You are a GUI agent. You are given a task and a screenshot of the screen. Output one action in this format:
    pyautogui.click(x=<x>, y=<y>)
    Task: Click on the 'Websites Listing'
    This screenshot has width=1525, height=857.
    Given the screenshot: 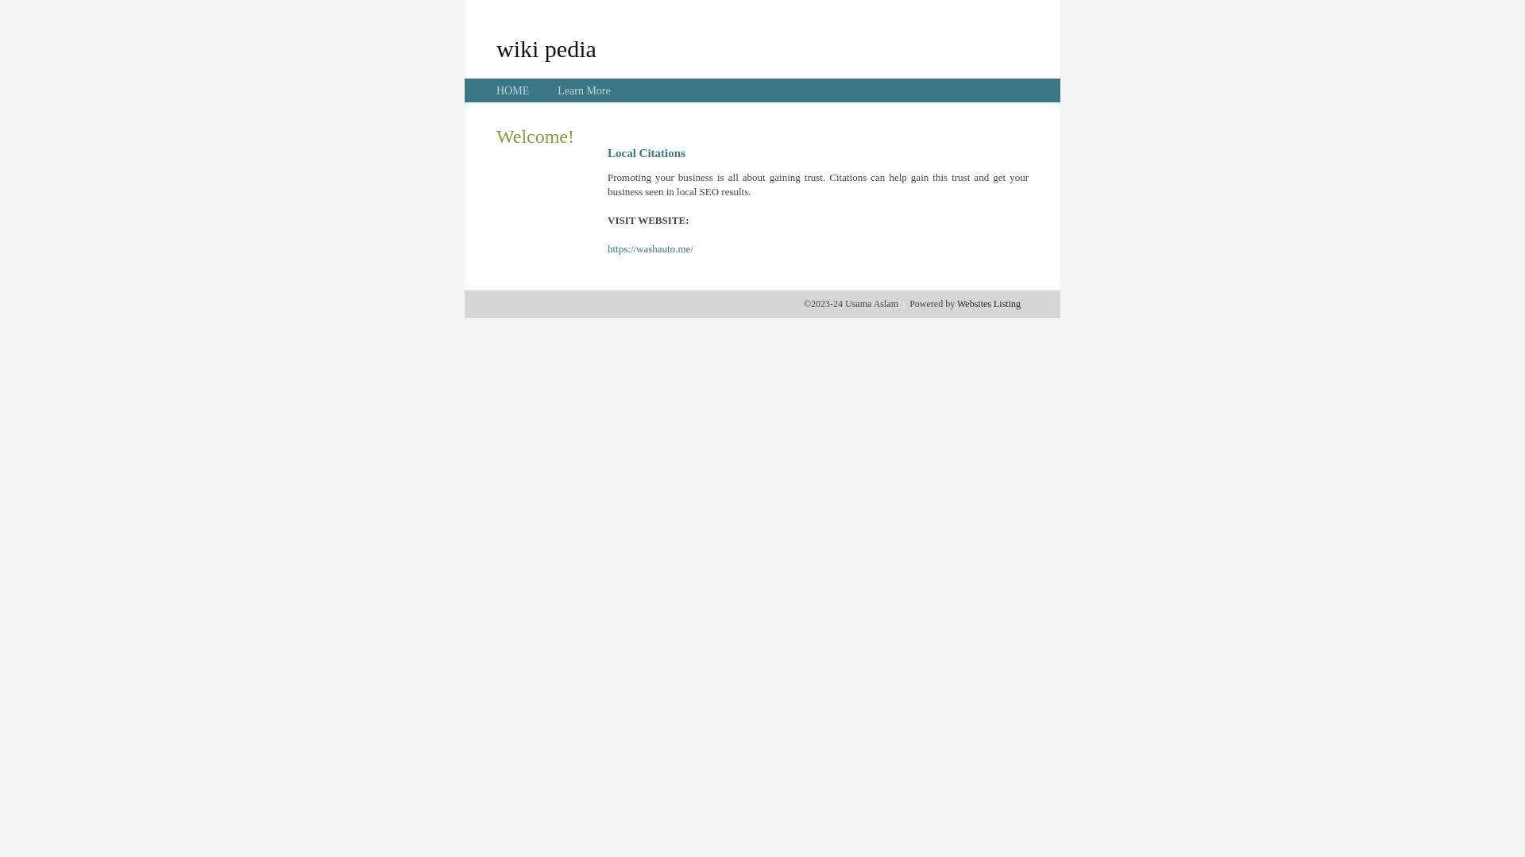 What is the action you would take?
    pyautogui.click(x=987, y=303)
    